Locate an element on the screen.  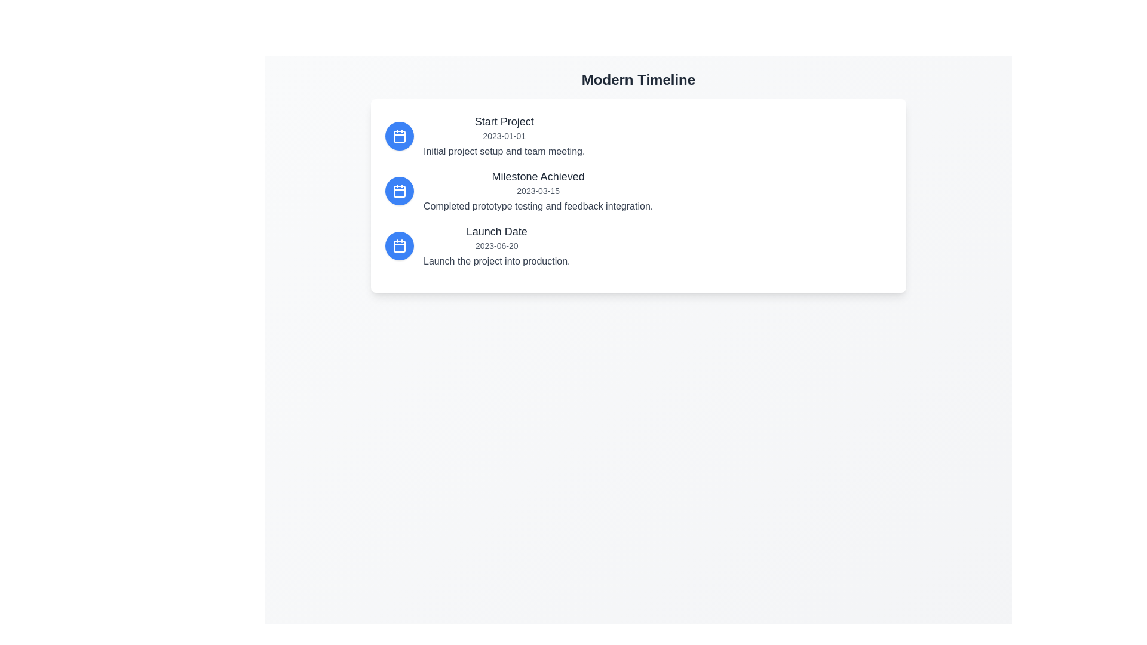
information from the second timeline entry, which contains the milestone's title, date, and description, located below the 'Start Project' entry and above the 'Launch Date' entry is located at coordinates (538, 191).